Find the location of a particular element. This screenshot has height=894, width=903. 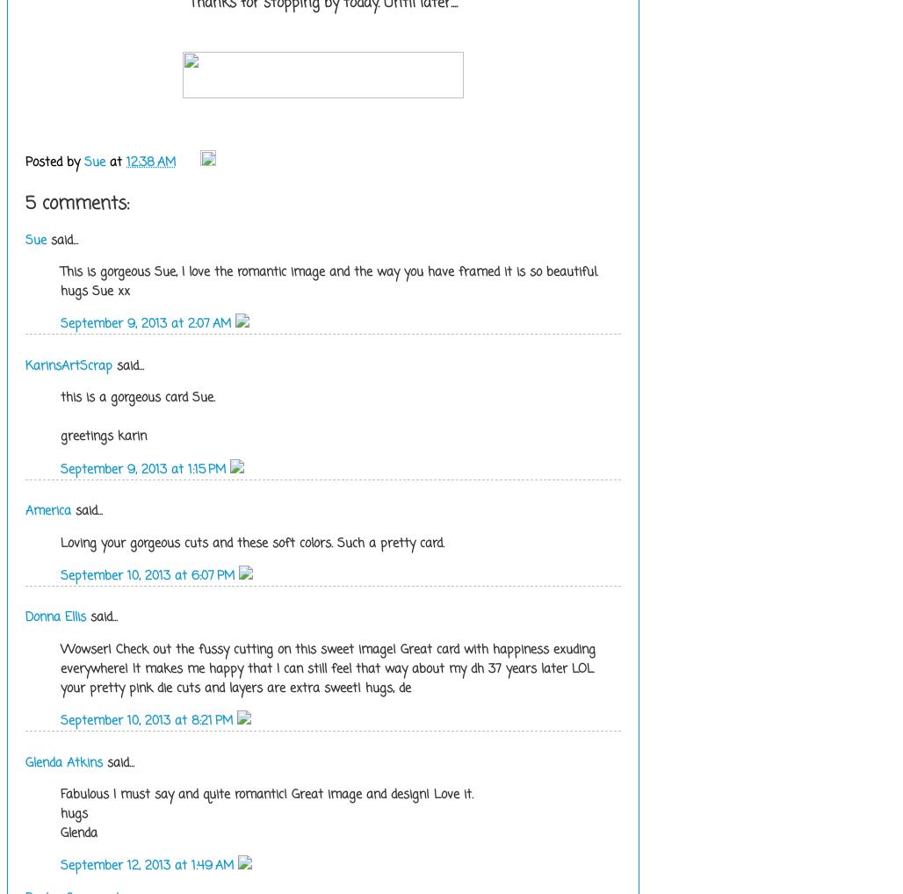

'Posted by' is located at coordinates (54, 162).